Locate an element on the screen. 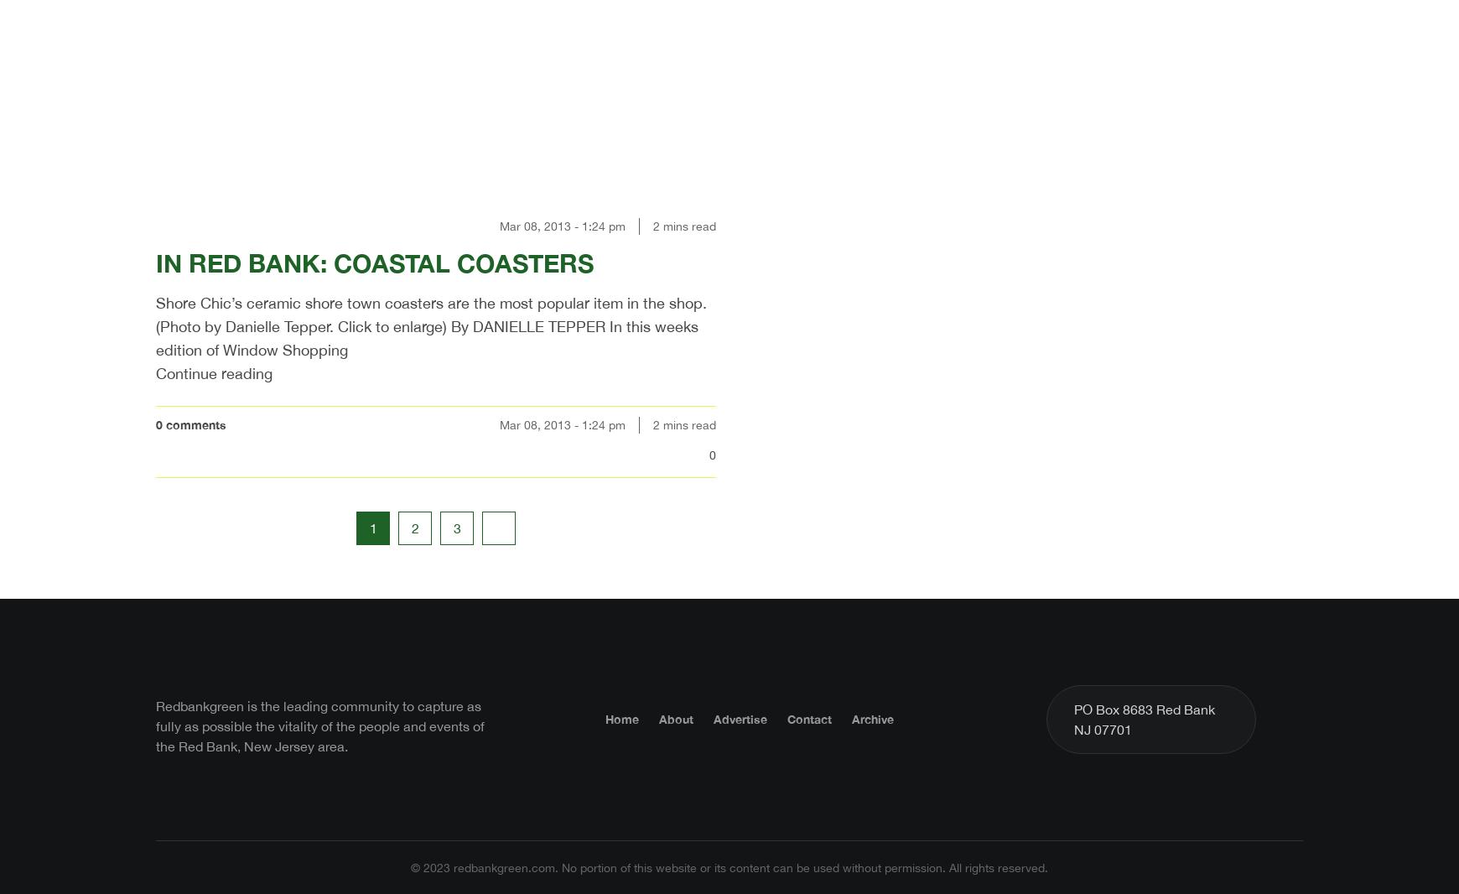  'Redbankgreen is the  leading community to capture as fully as possible the vitality of the people and events of the Red Bank, New Jersey area.' is located at coordinates (319, 725).